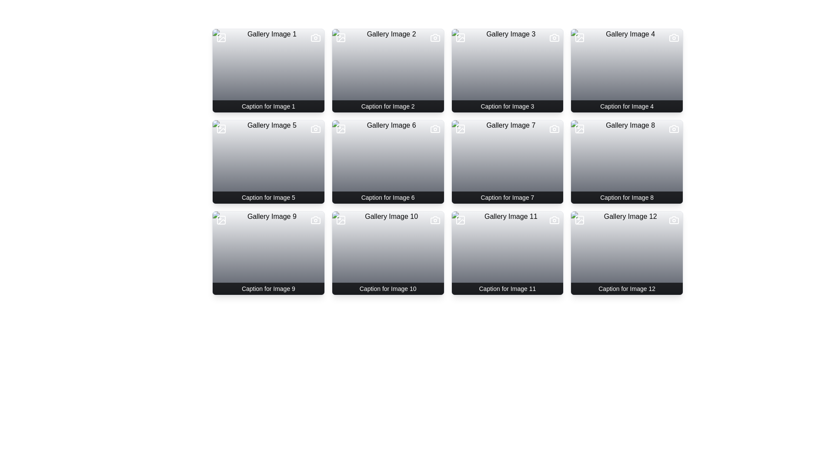  I want to click on the main body of the camera icon located in the top-right corner of the 'Gallery Image 3' card, so click(554, 37).